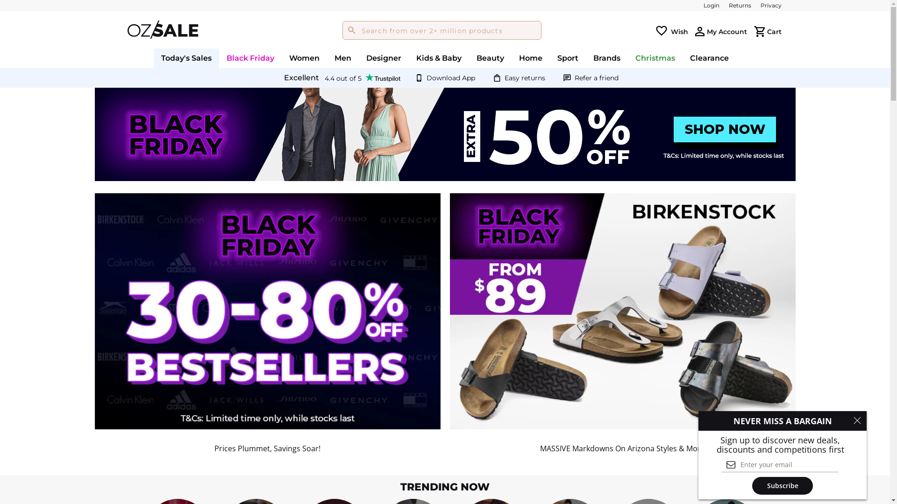 The height and width of the screenshot is (504, 897). What do you see at coordinates (438, 58) in the screenshot?
I see `'Kids & Baby'` at bounding box center [438, 58].